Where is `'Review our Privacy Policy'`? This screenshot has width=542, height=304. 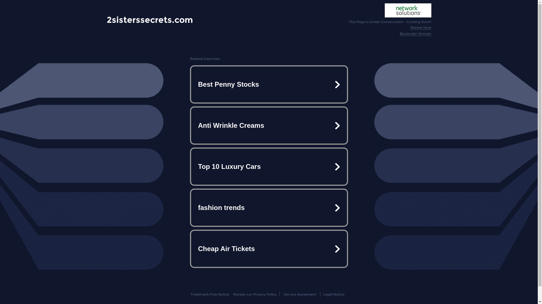 'Review our Privacy Policy' is located at coordinates (254, 294).